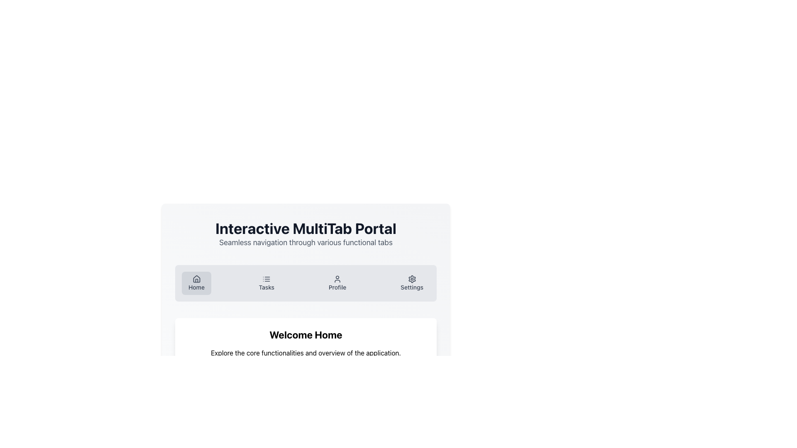  I want to click on the 'Tasks' navigation tab, which is the second item from the left and features a list icon above the text label in a light gray background, so click(266, 282).